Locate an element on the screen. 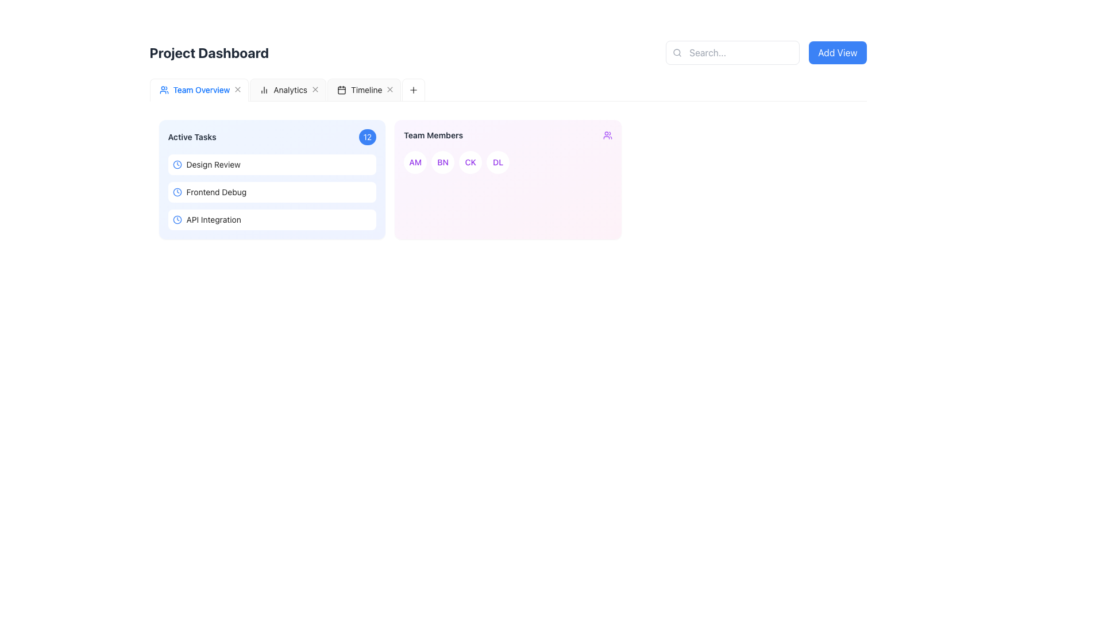 The width and height of the screenshot is (1103, 620). the button with an icon located to the immediate right of the 'Analytics' tab is located at coordinates (315, 90).